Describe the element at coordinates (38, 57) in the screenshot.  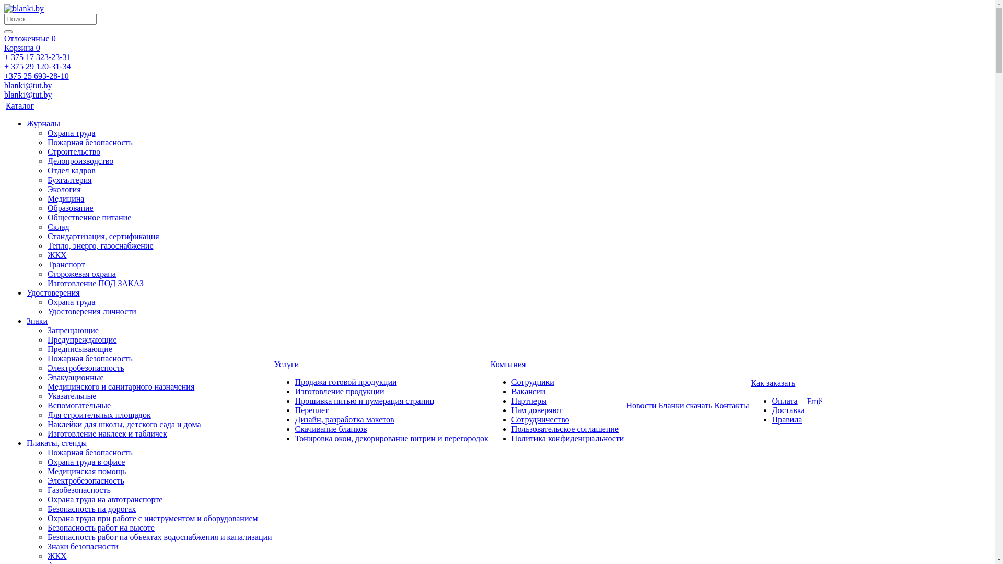
I see `'+ 375 17 323-23-31'` at that location.